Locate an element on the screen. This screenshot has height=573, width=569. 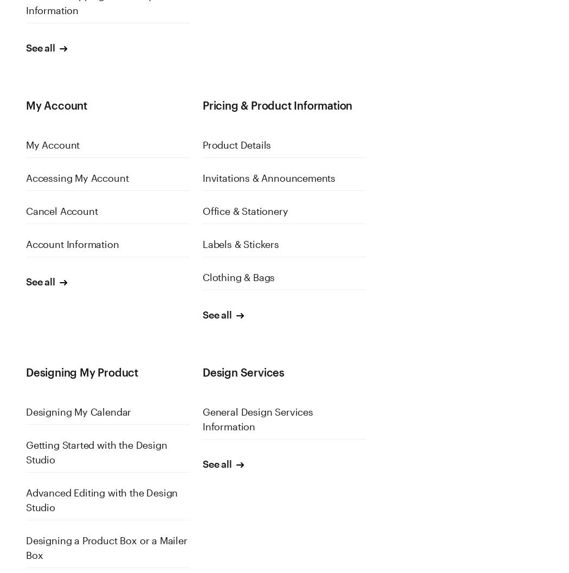
'Designing My Calendar' is located at coordinates (25, 411).